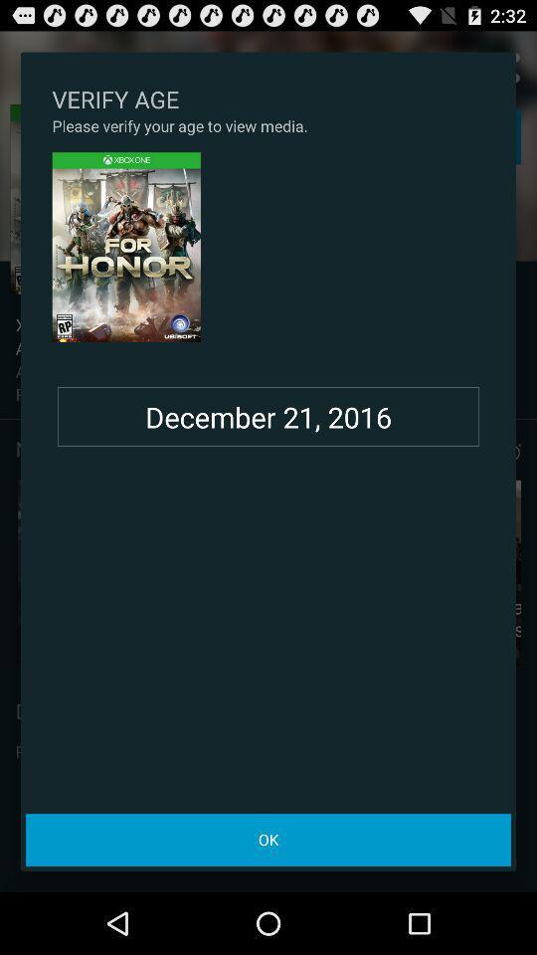 The height and width of the screenshot is (955, 537). Describe the element at coordinates (268, 416) in the screenshot. I see `the december 21, 2016 icon` at that location.